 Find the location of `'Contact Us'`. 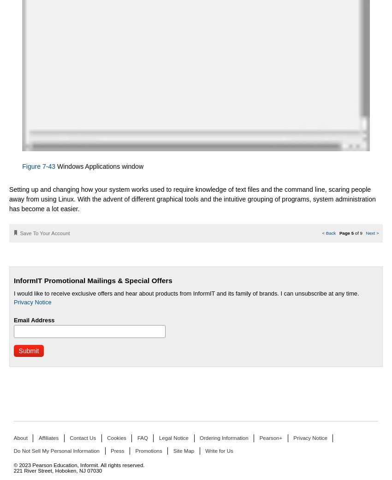

'Contact Us' is located at coordinates (82, 438).